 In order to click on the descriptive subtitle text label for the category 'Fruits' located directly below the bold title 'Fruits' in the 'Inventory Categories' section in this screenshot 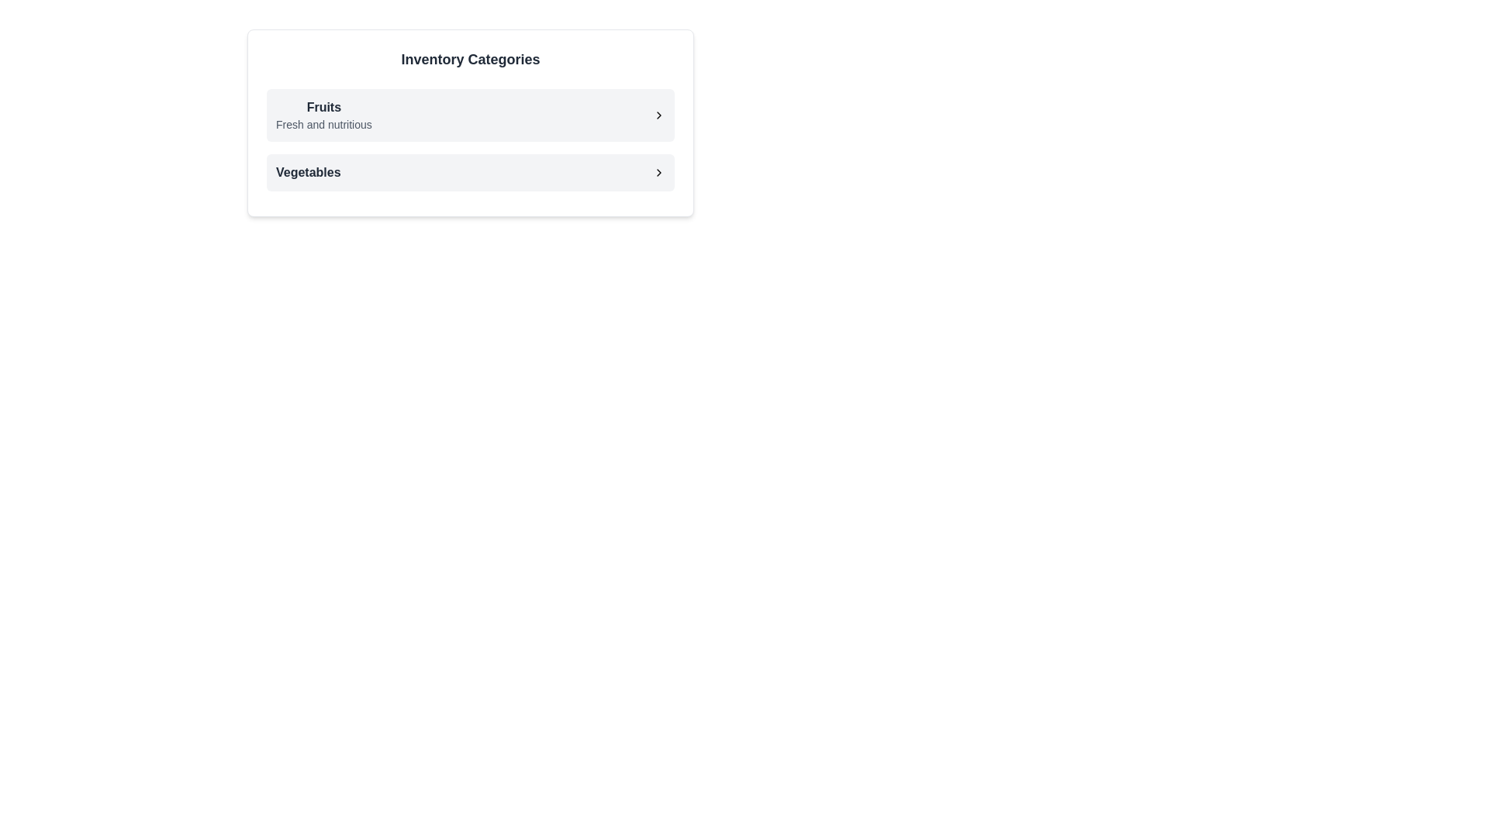, I will do `click(323, 124)`.